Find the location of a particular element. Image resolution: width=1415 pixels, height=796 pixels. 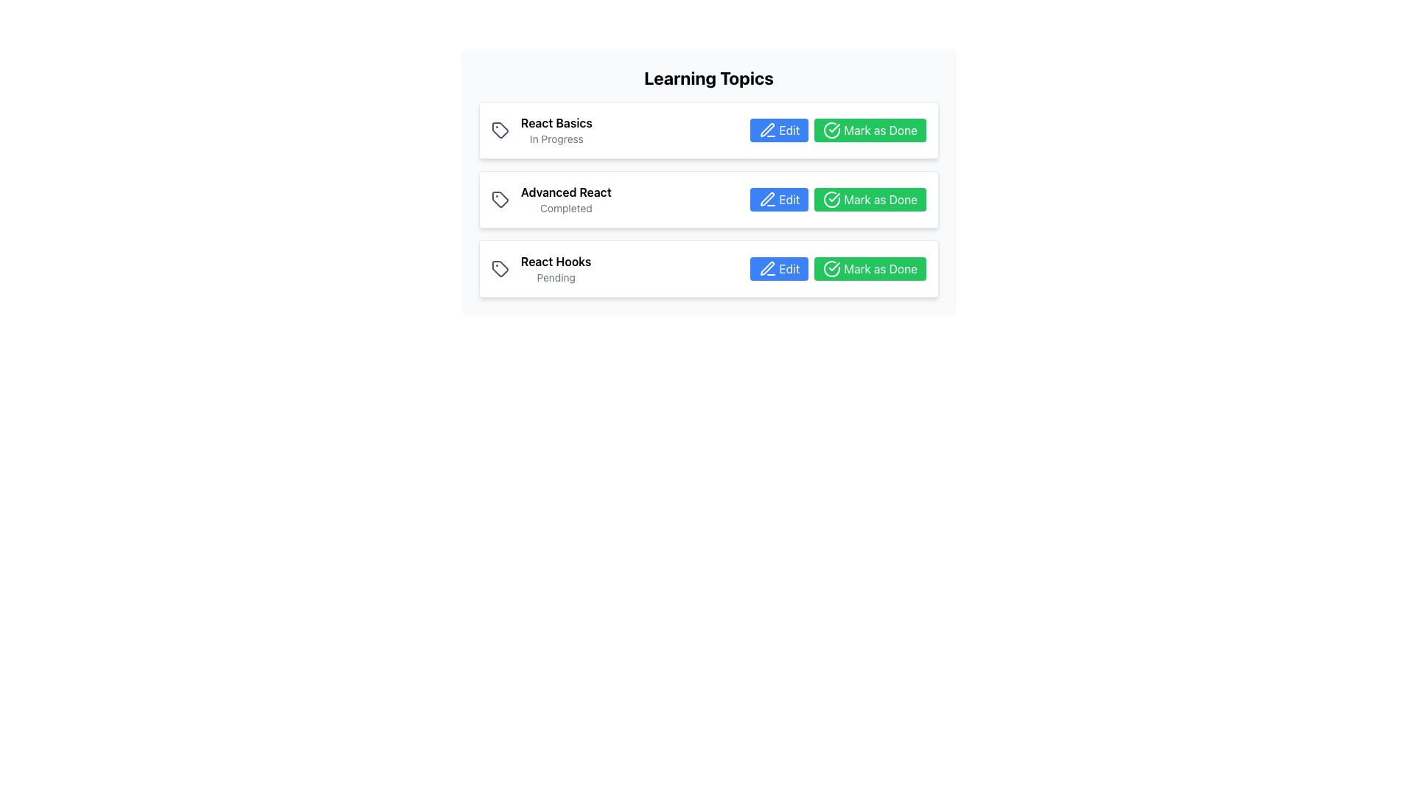

the label displaying the title 'React Hooks' with the status 'Pending' in the 'Learning Topics' section, which is the third item in the list is located at coordinates (540, 269).